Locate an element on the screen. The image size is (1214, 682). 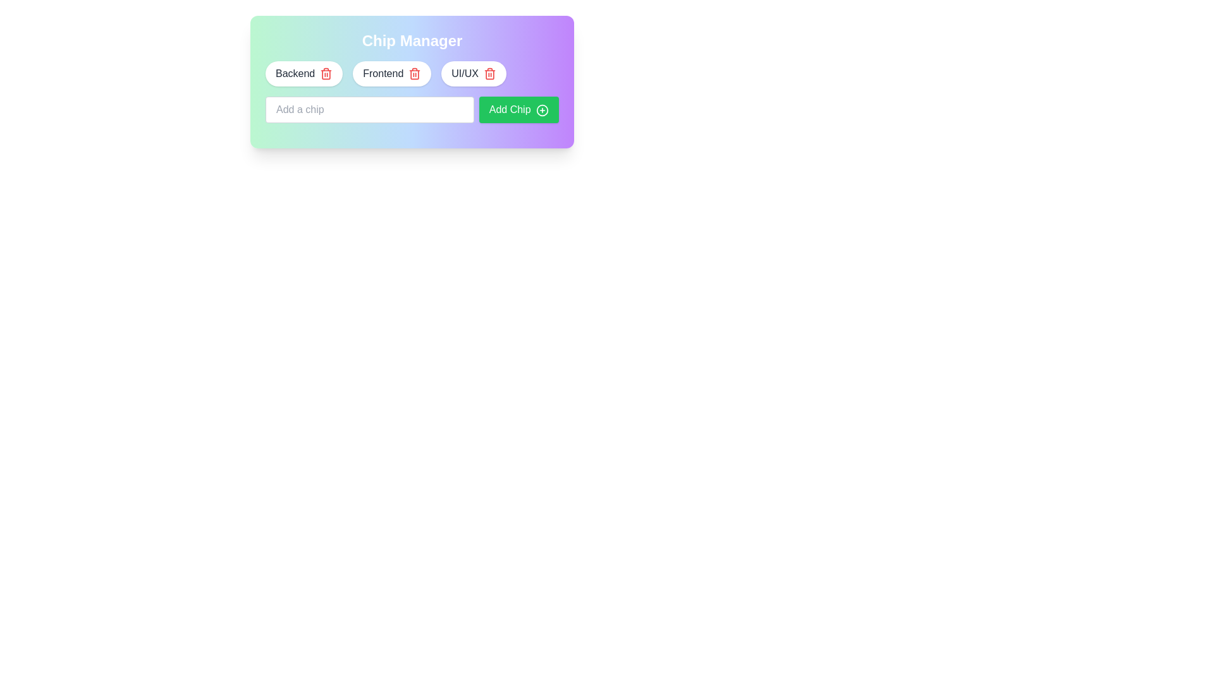
the area of the first chip containing the 'Backend' text label is located at coordinates (294, 73).